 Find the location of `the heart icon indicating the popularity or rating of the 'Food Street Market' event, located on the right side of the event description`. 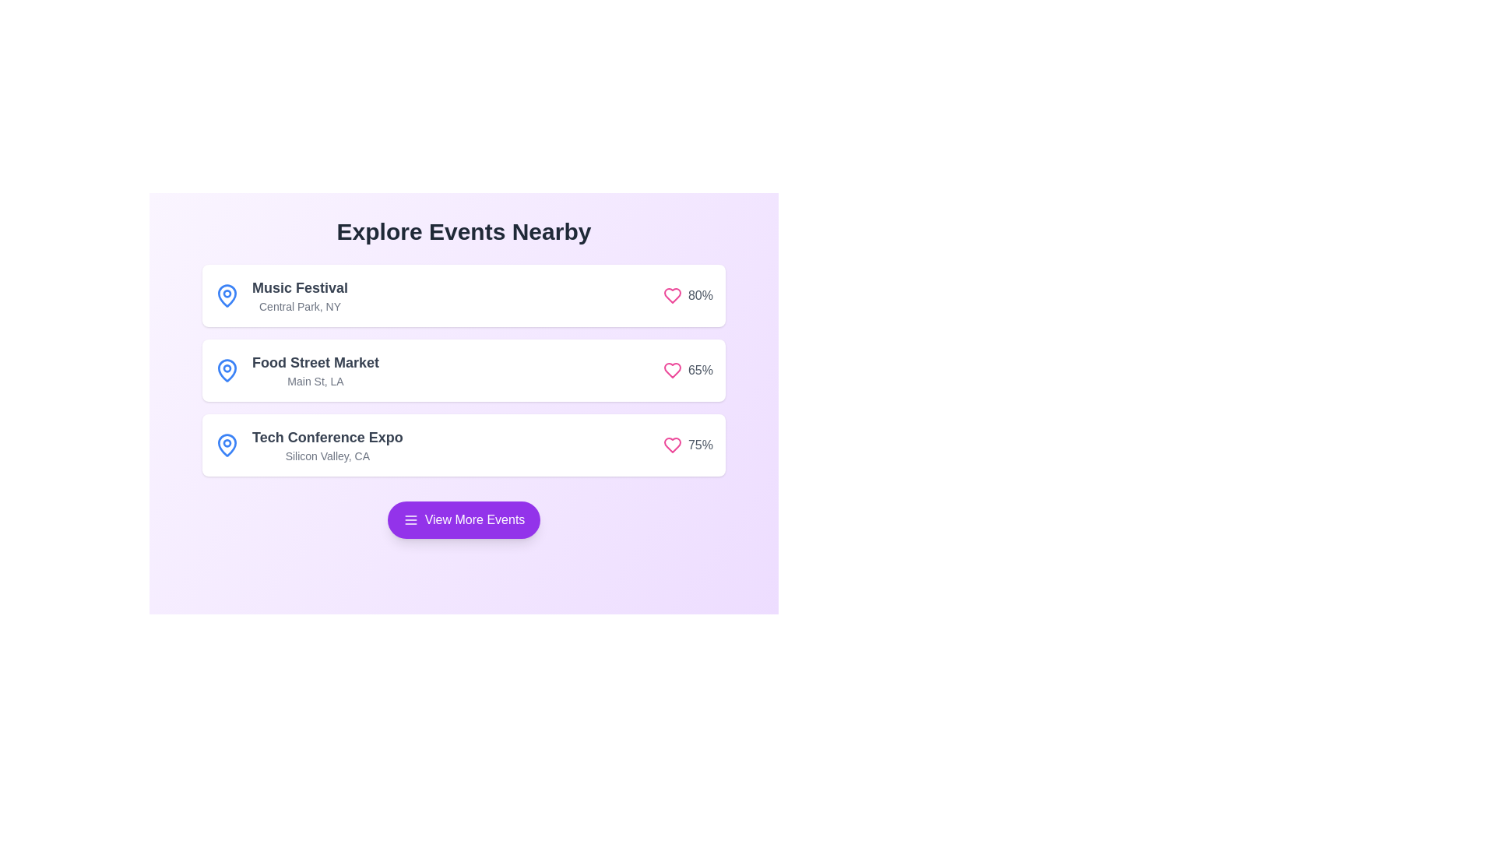

the heart icon indicating the popularity or rating of the 'Food Street Market' event, located on the right side of the event description is located at coordinates (687, 370).